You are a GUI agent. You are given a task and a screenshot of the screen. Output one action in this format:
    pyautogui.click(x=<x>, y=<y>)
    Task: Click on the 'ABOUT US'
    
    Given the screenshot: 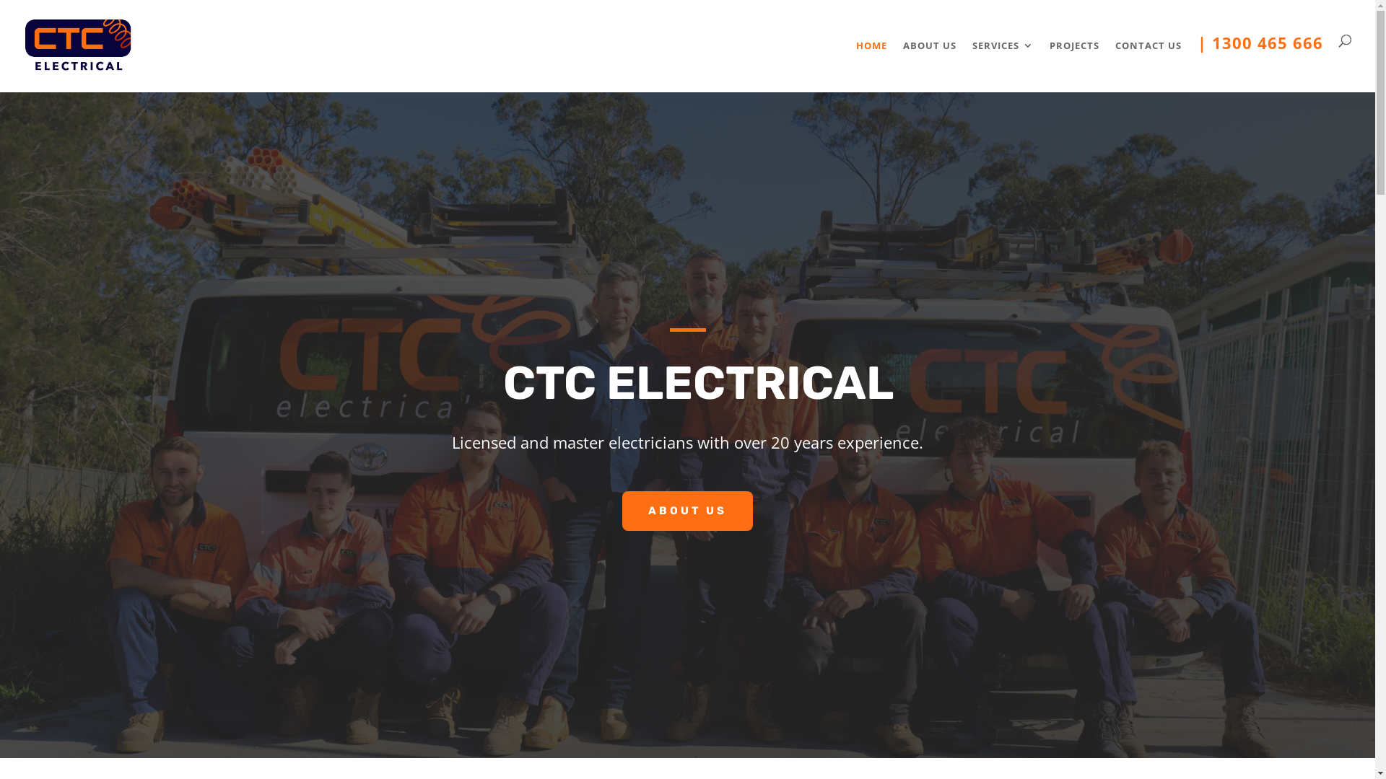 What is the action you would take?
    pyautogui.click(x=687, y=511)
    